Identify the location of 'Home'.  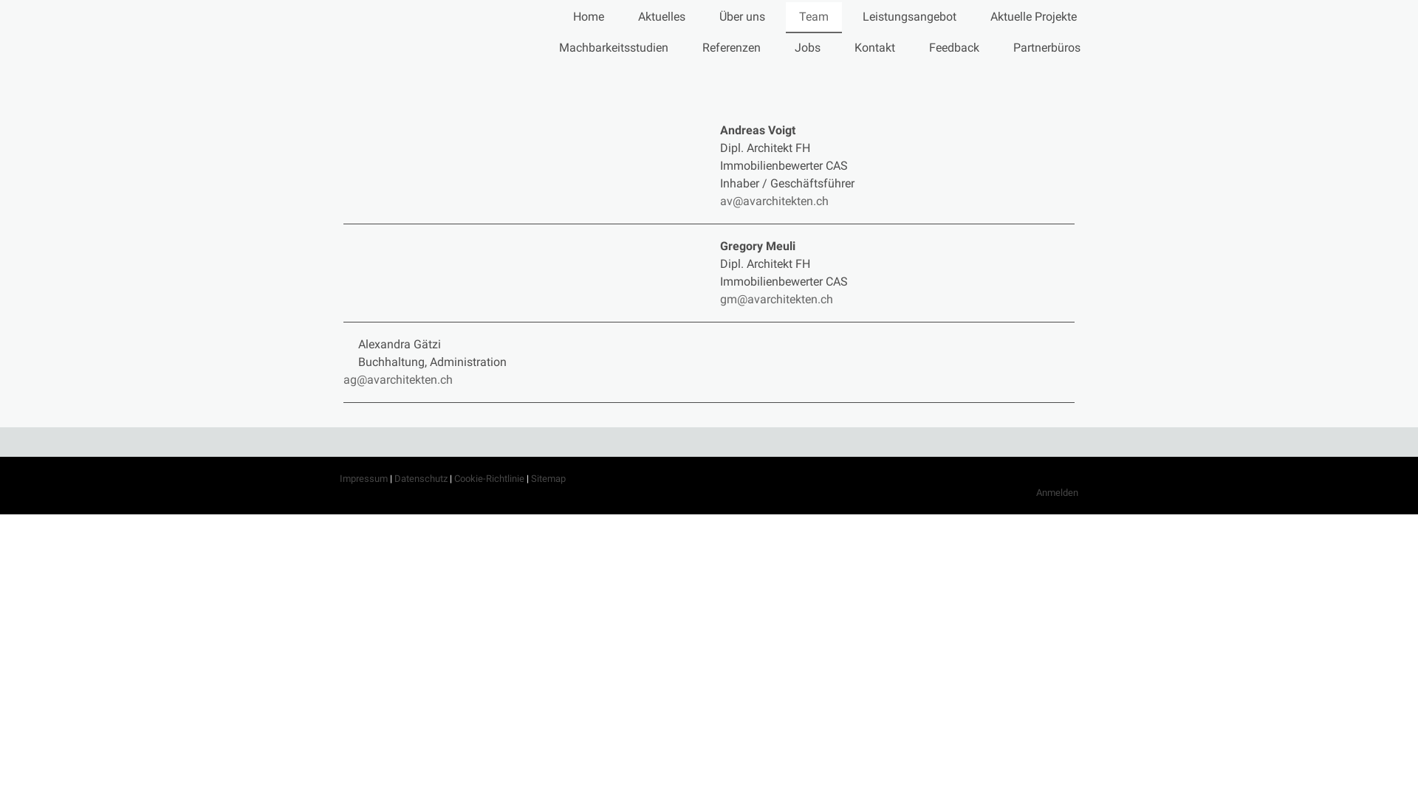
(587, 17).